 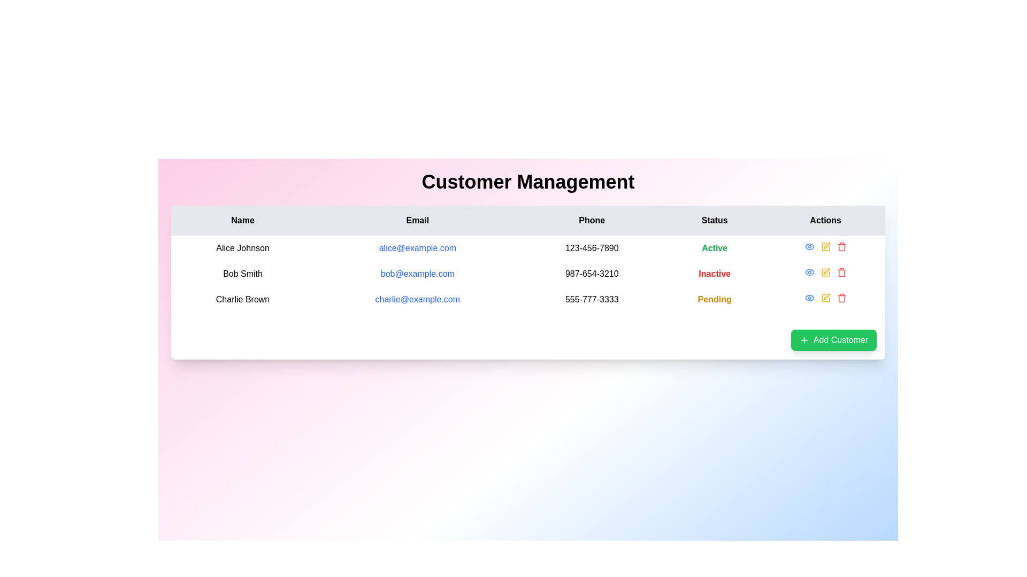 What do you see at coordinates (809, 247) in the screenshot?
I see `the blue-colored eye-shaped icon button in the 'Actions' column for 'Bob Smith'` at bounding box center [809, 247].